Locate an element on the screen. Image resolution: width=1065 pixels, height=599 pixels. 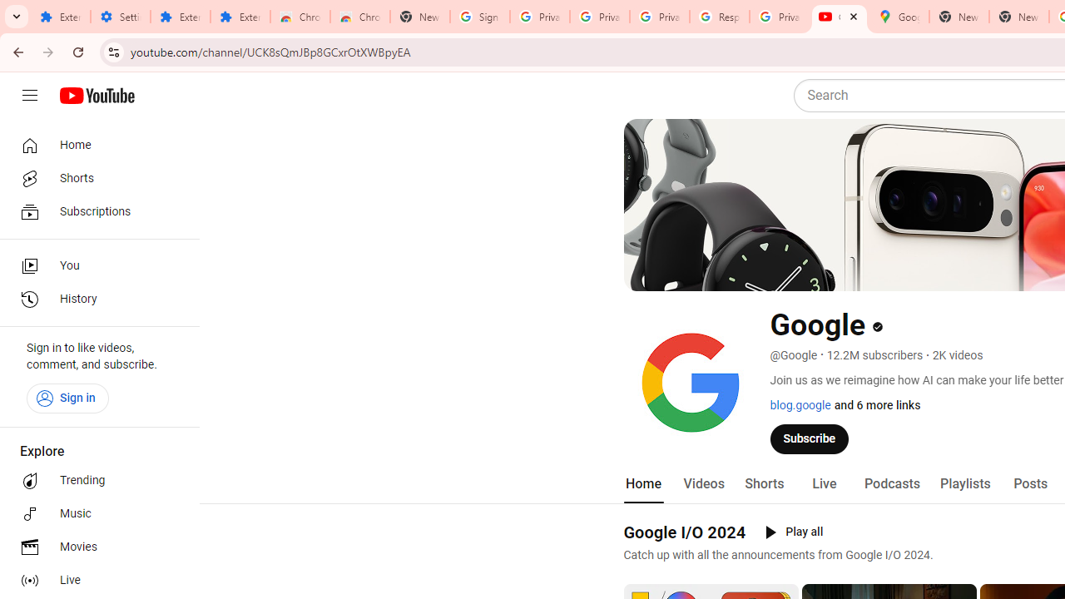
'Reload' is located at coordinates (77, 51).